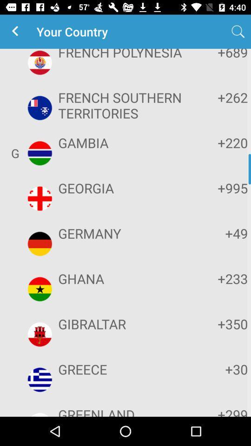  I want to click on the app next to your country, so click(17, 32).